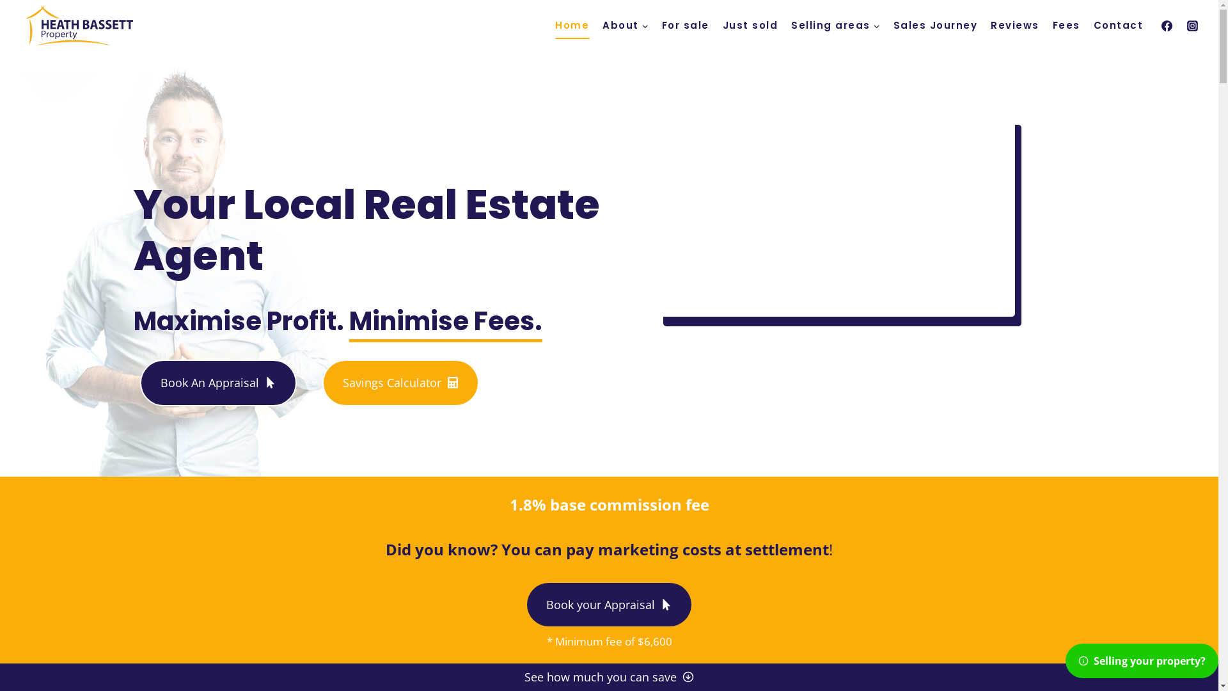  I want to click on 'Selling your property?', so click(1065, 661).